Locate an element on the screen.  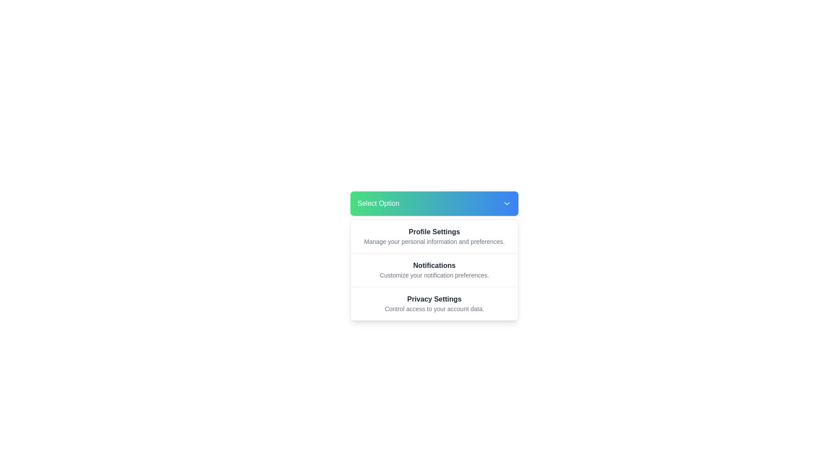
the text component displaying 'Control access to your account data.' which is located beneath 'Privacy Settings' in the third section of the menu layout is located at coordinates (434, 308).